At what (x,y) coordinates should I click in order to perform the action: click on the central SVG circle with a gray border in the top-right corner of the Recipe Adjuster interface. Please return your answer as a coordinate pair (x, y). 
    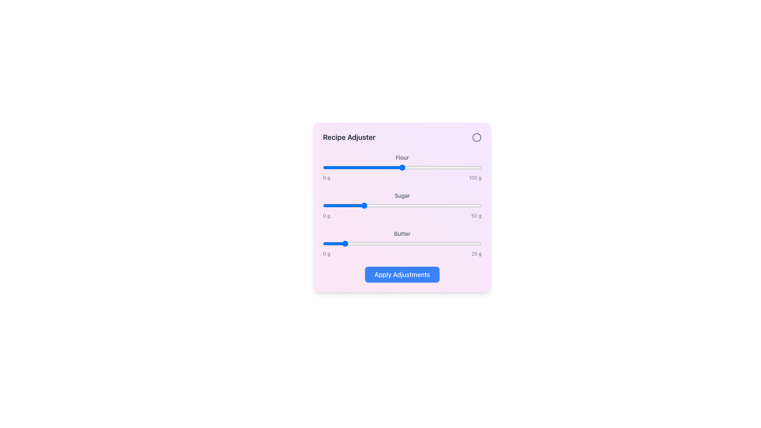
    Looking at the image, I should click on (476, 137).